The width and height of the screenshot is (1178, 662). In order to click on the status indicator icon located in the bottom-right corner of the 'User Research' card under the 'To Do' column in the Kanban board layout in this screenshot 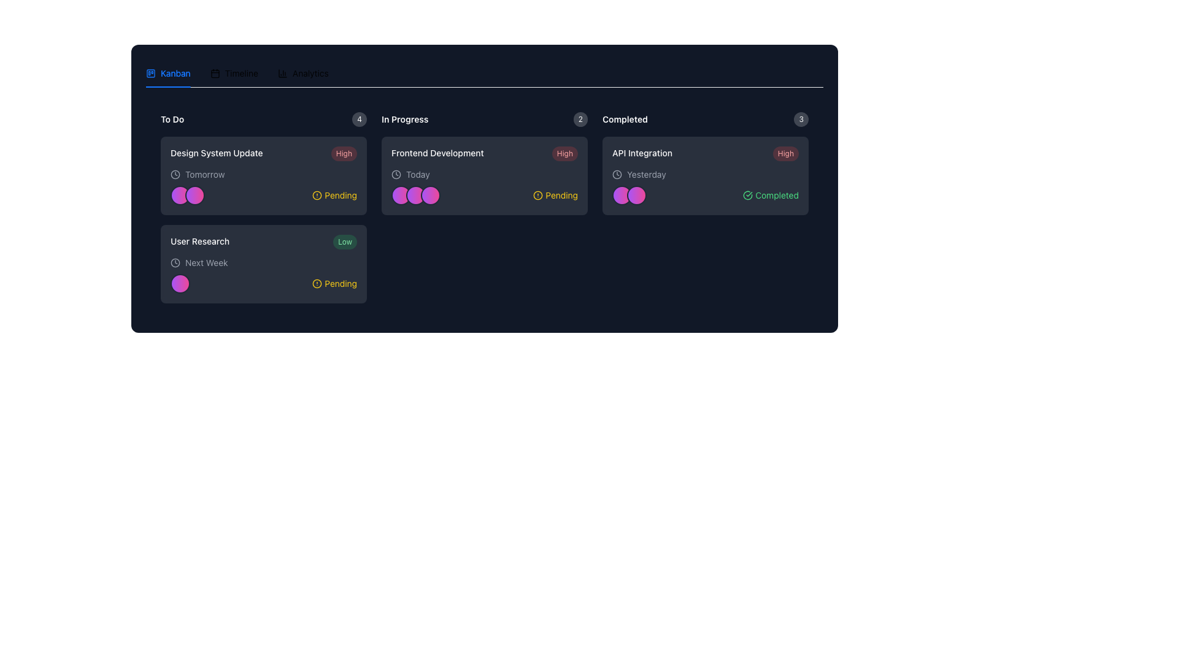, I will do `click(317, 283)`.